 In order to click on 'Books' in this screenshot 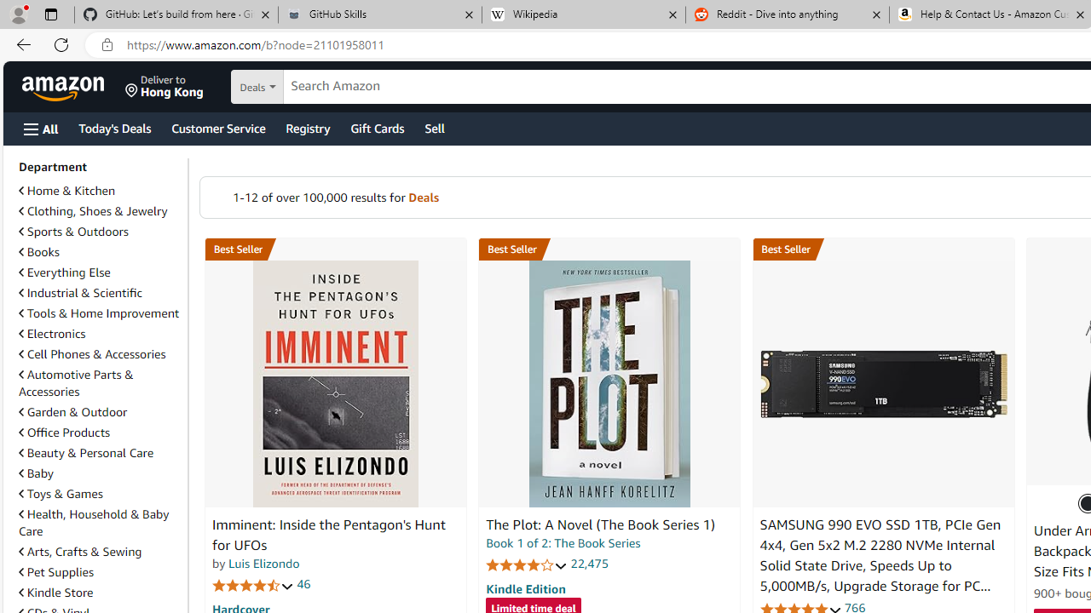, I will do `click(39, 252)`.